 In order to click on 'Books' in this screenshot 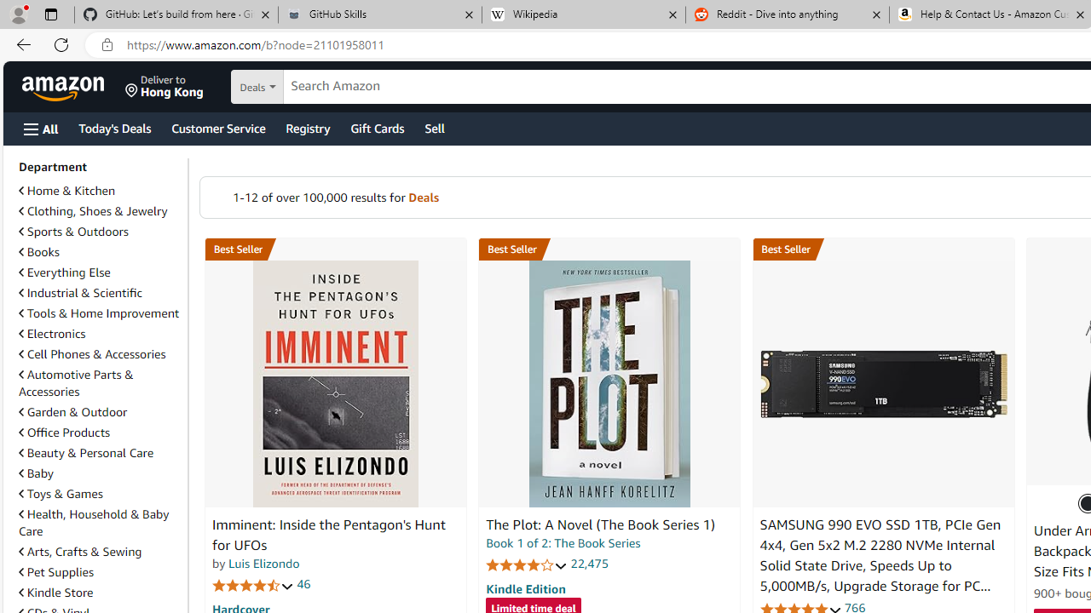, I will do `click(39, 252)`.